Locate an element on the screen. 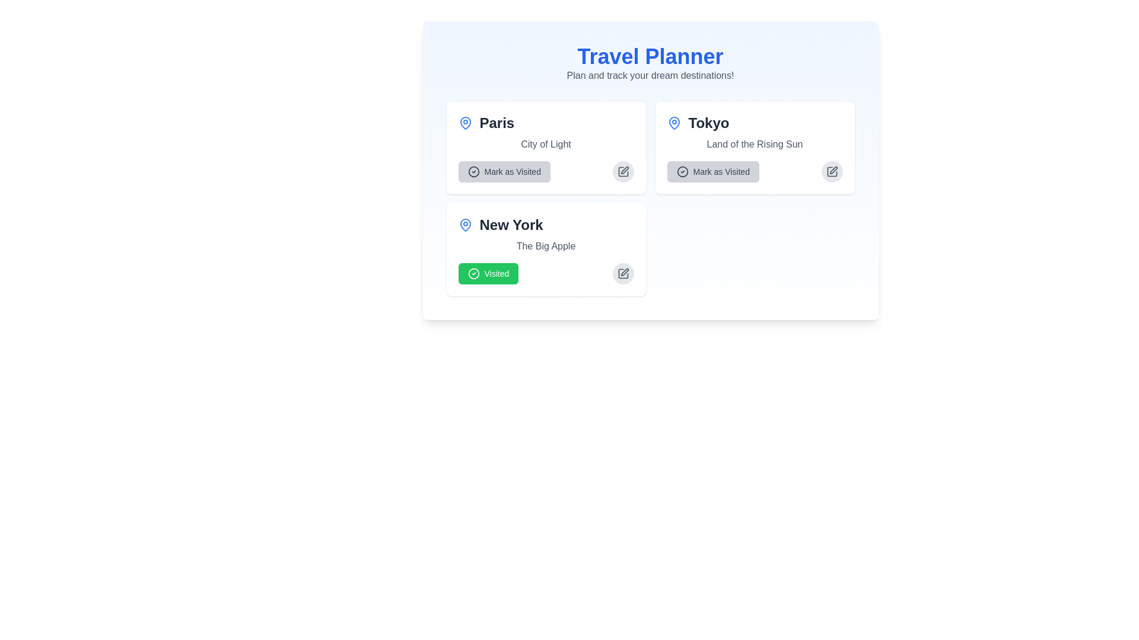  the text element displaying 'Land of the Rising Sun' located in the Tokyo destination card, which is styled with a small-sized gray font and positioned directly below the heading 'Tokyo' is located at coordinates (754, 143).